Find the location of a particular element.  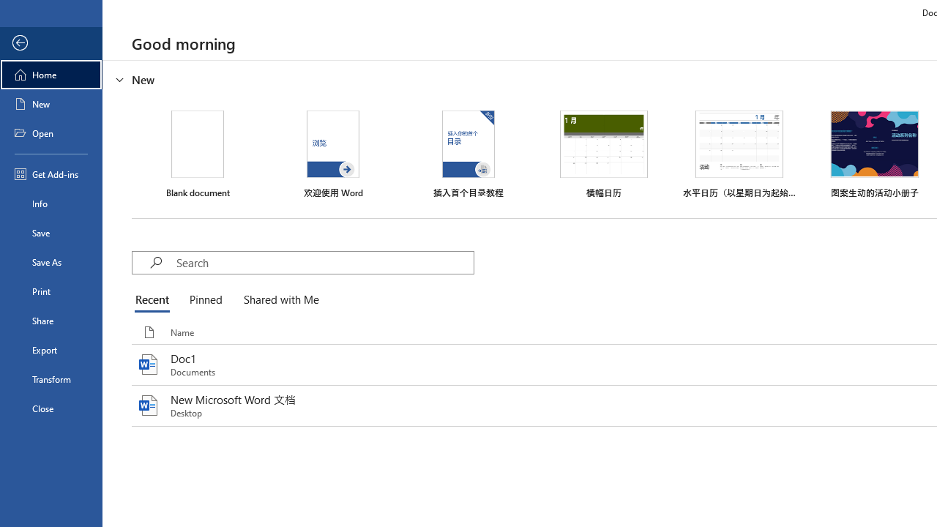

'Share' is located at coordinates (51, 320).